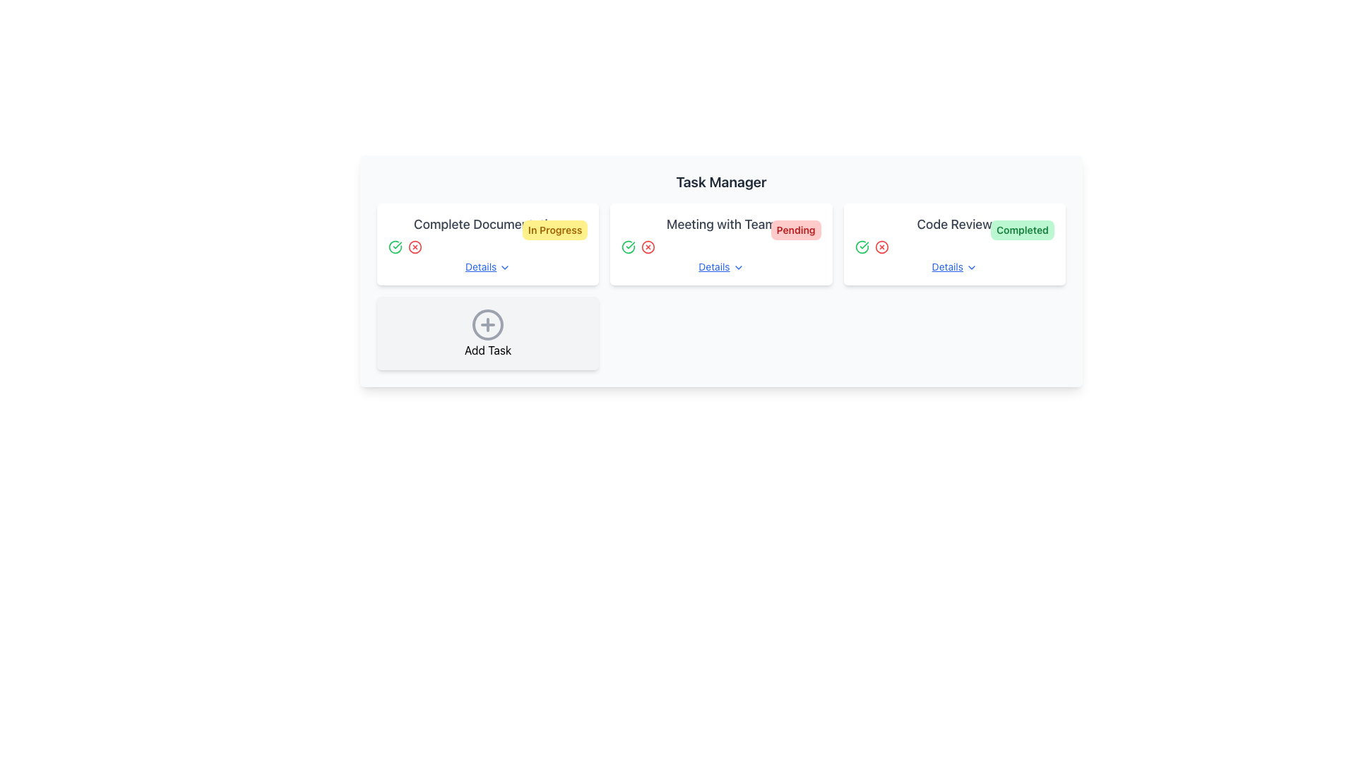  Describe the element at coordinates (1023, 230) in the screenshot. I see `the Status label indicating the completion status of the 'Code Review' task, located in the top-right corner of the white card` at that location.